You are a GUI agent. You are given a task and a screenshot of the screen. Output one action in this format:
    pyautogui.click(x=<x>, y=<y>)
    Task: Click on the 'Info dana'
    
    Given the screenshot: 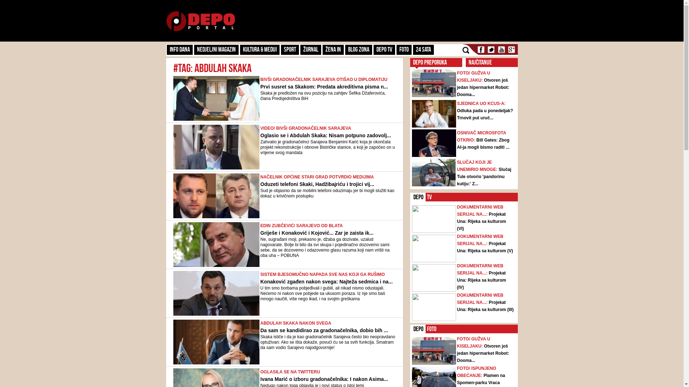 What is the action you would take?
    pyautogui.click(x=179, y=49)
    